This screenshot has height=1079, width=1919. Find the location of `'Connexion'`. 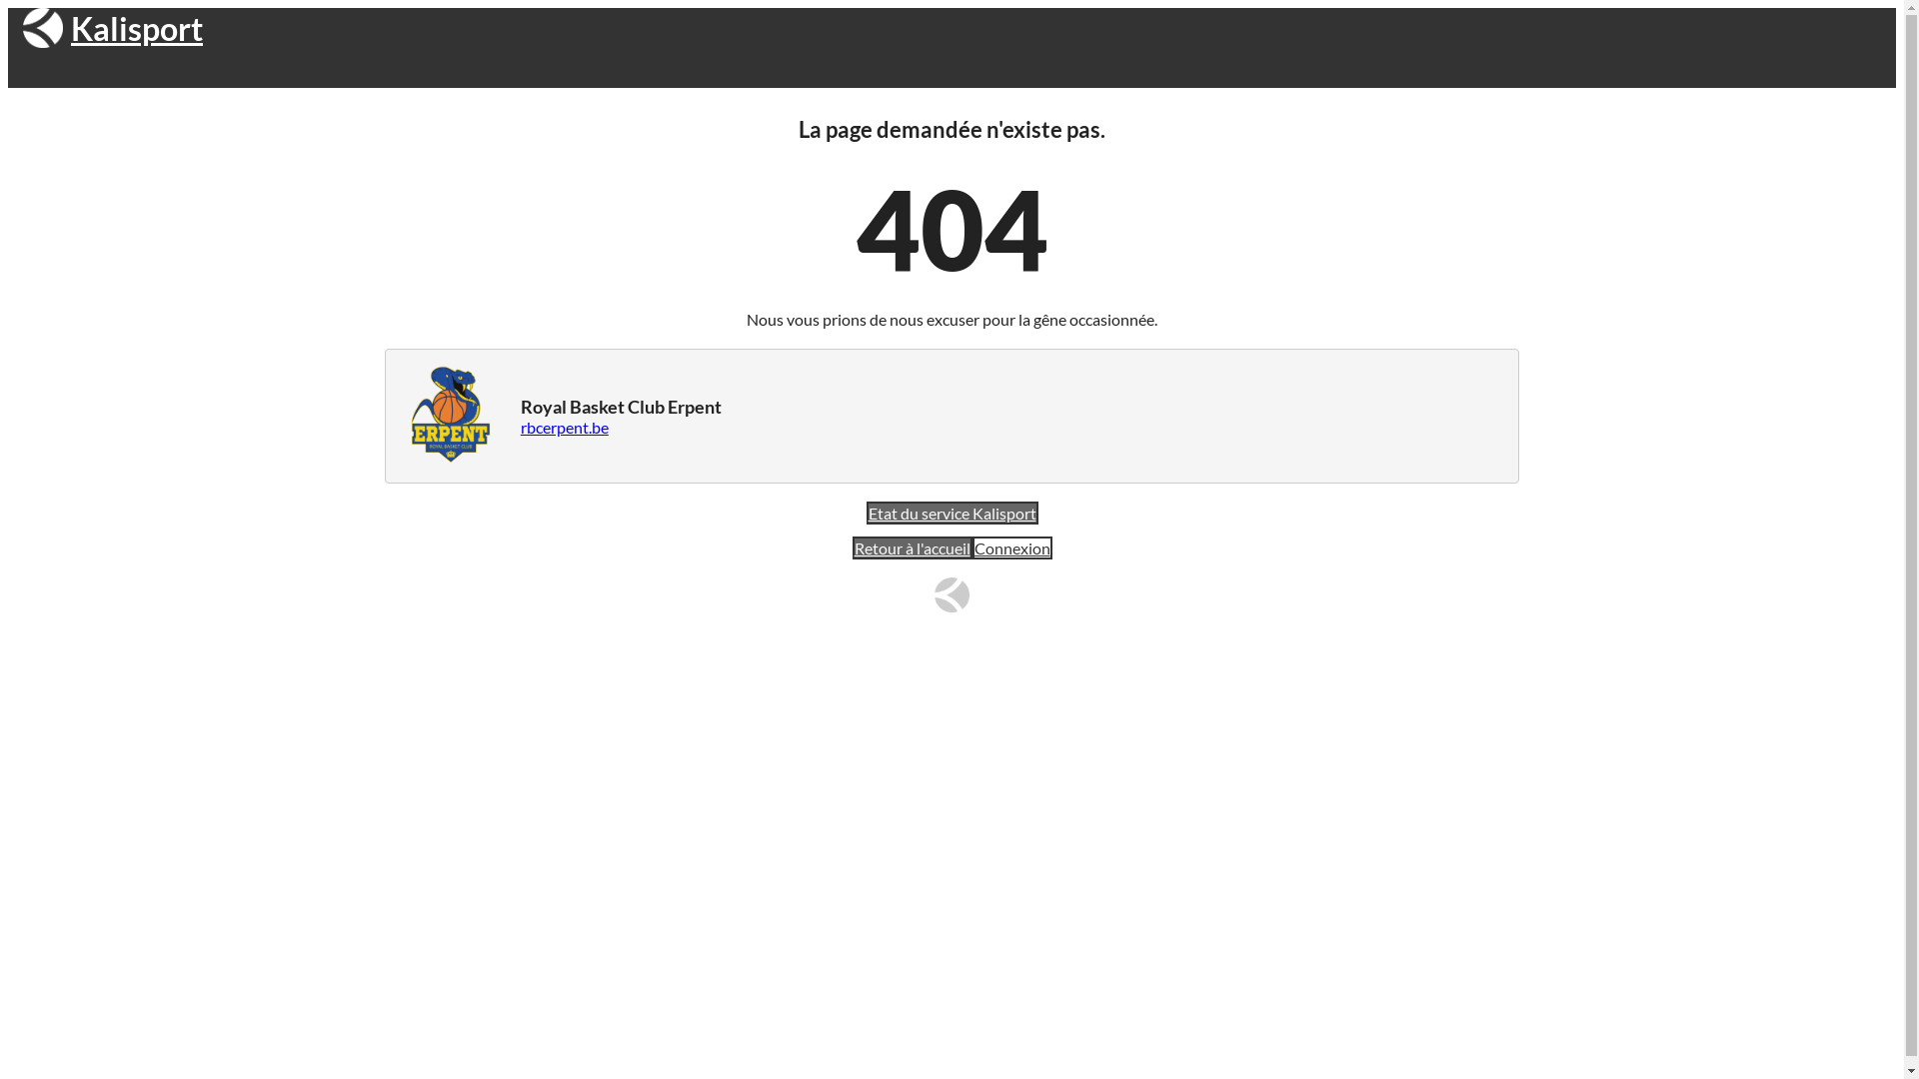

'Connexion' is located at coordinates (970, 546).